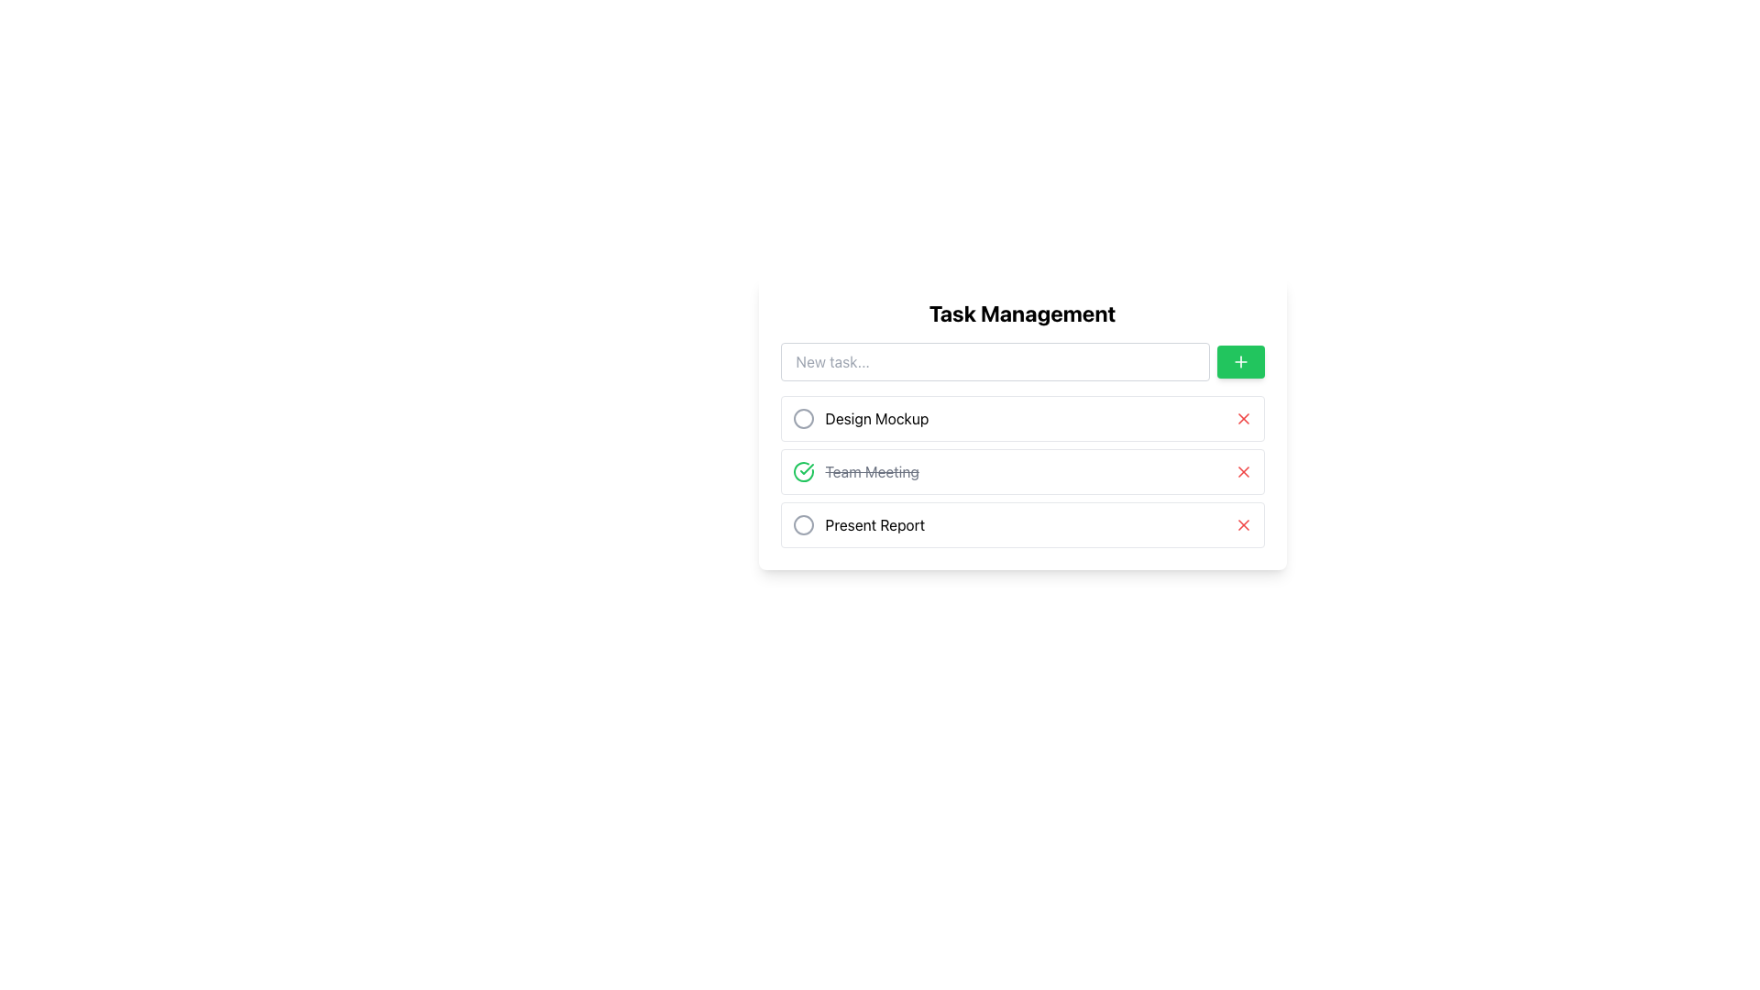 This screenshot has height=990, width=1760. I want to click on the last list item titled 'Present Report' in the task management interface, so click(857, 525).